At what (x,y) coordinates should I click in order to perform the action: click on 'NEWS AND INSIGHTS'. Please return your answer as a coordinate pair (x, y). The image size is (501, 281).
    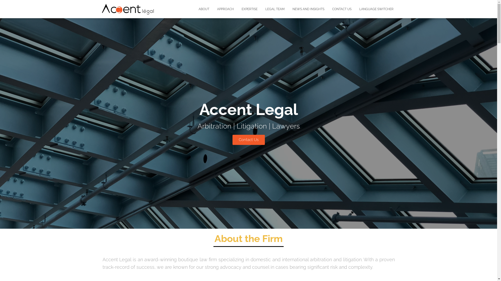
    Looking at the image, I should click on (308, 9).